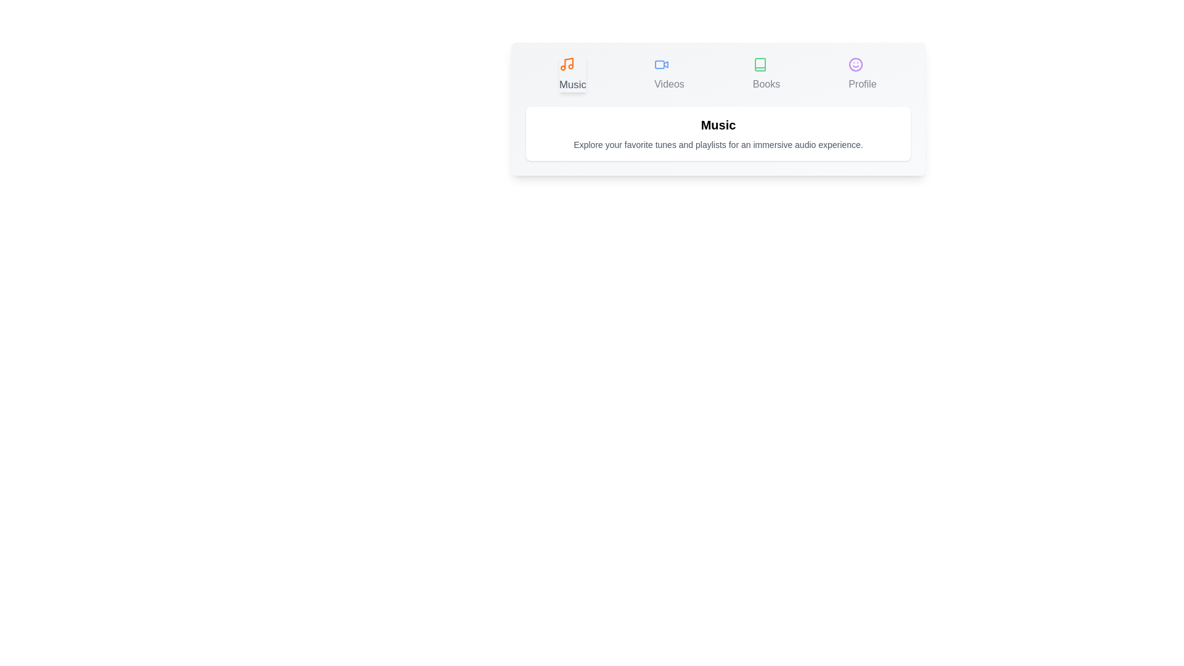  Describe the element at coordinates (572, 74) in the screenshot. I see `the Music tab` at that location.